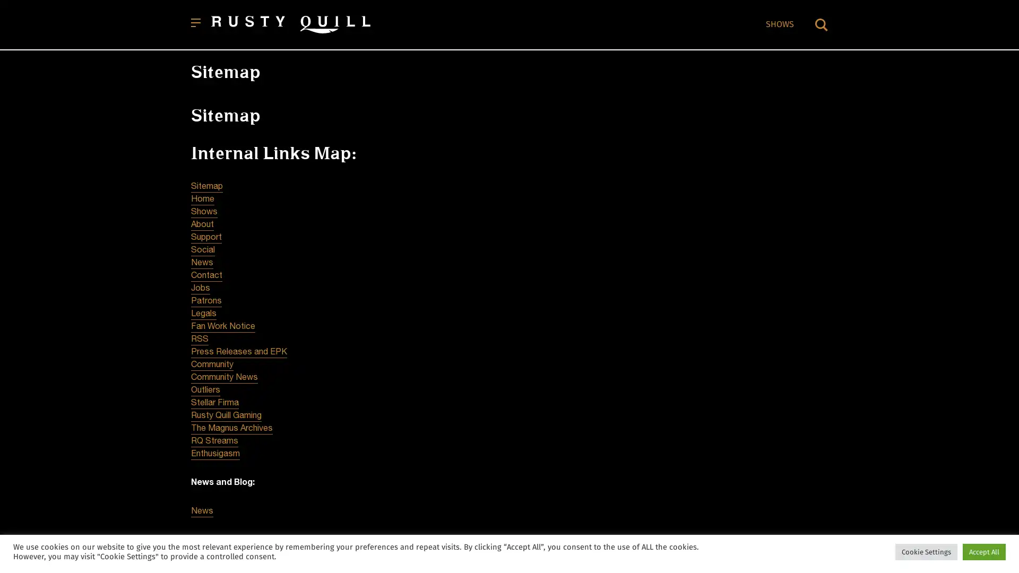  Describe the element at coordinates (196, 22) in the screenshot. I see `Open menu` at that location.